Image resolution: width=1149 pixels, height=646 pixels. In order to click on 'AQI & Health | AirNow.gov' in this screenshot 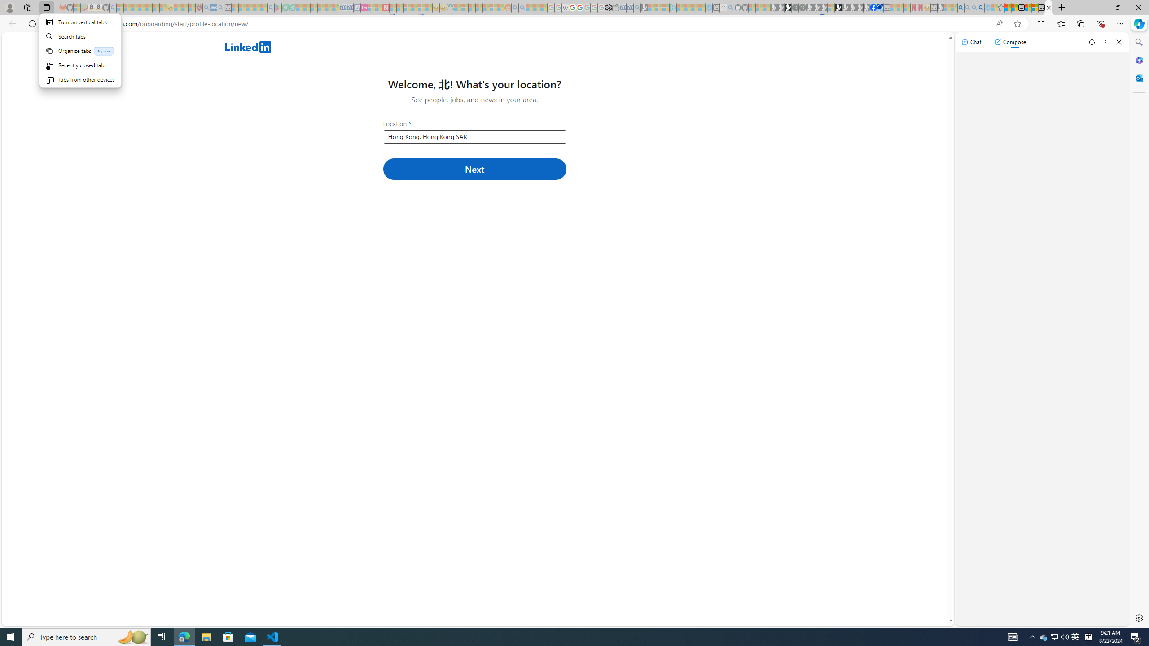, I will do `click(880, 7)`.